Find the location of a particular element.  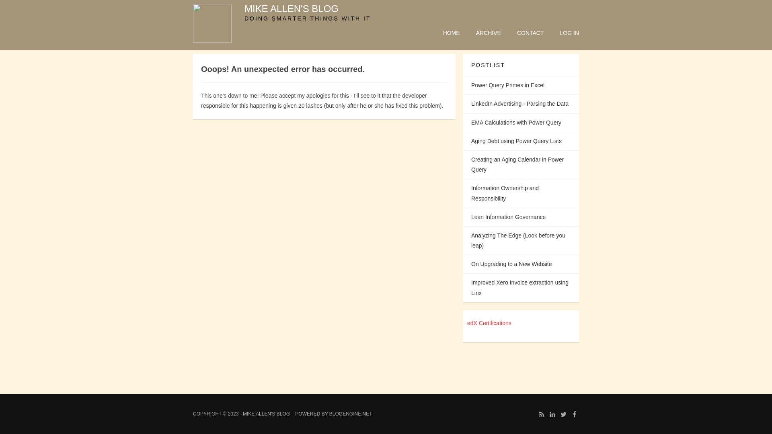

'Aging Debt using Power Query Lists' is located at coordinates (521, 141).